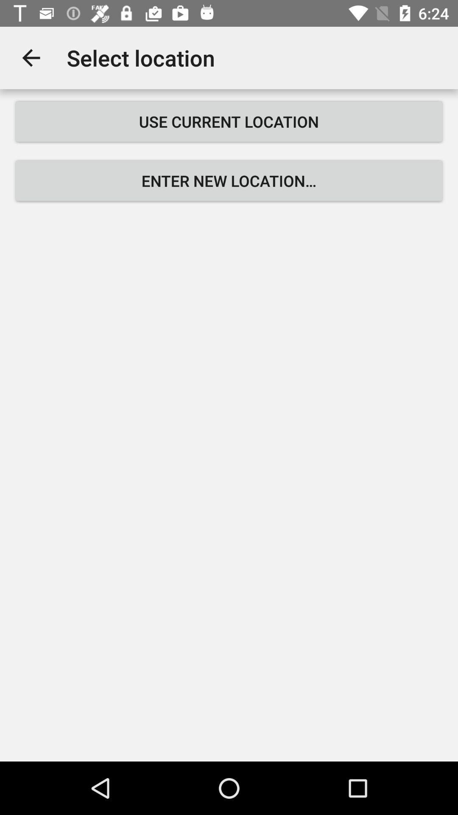 Image resolution: width=458 pixels, height=815 pixels. What do you see at coordinates (31, 57) in the screenshot?
I see `the icon next to the select location` at bounding box center [31, 57].